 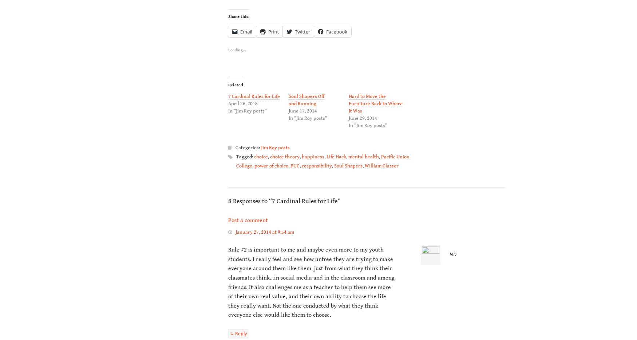 I want to click on 'Jim Roy posts', so click(x=274, y=147).